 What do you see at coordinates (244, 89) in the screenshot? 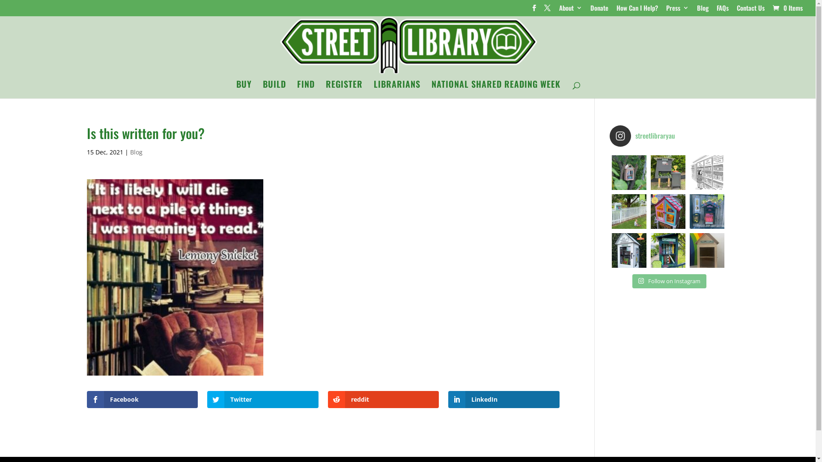
I see `'BUY'` at bounding box center [244, 89].